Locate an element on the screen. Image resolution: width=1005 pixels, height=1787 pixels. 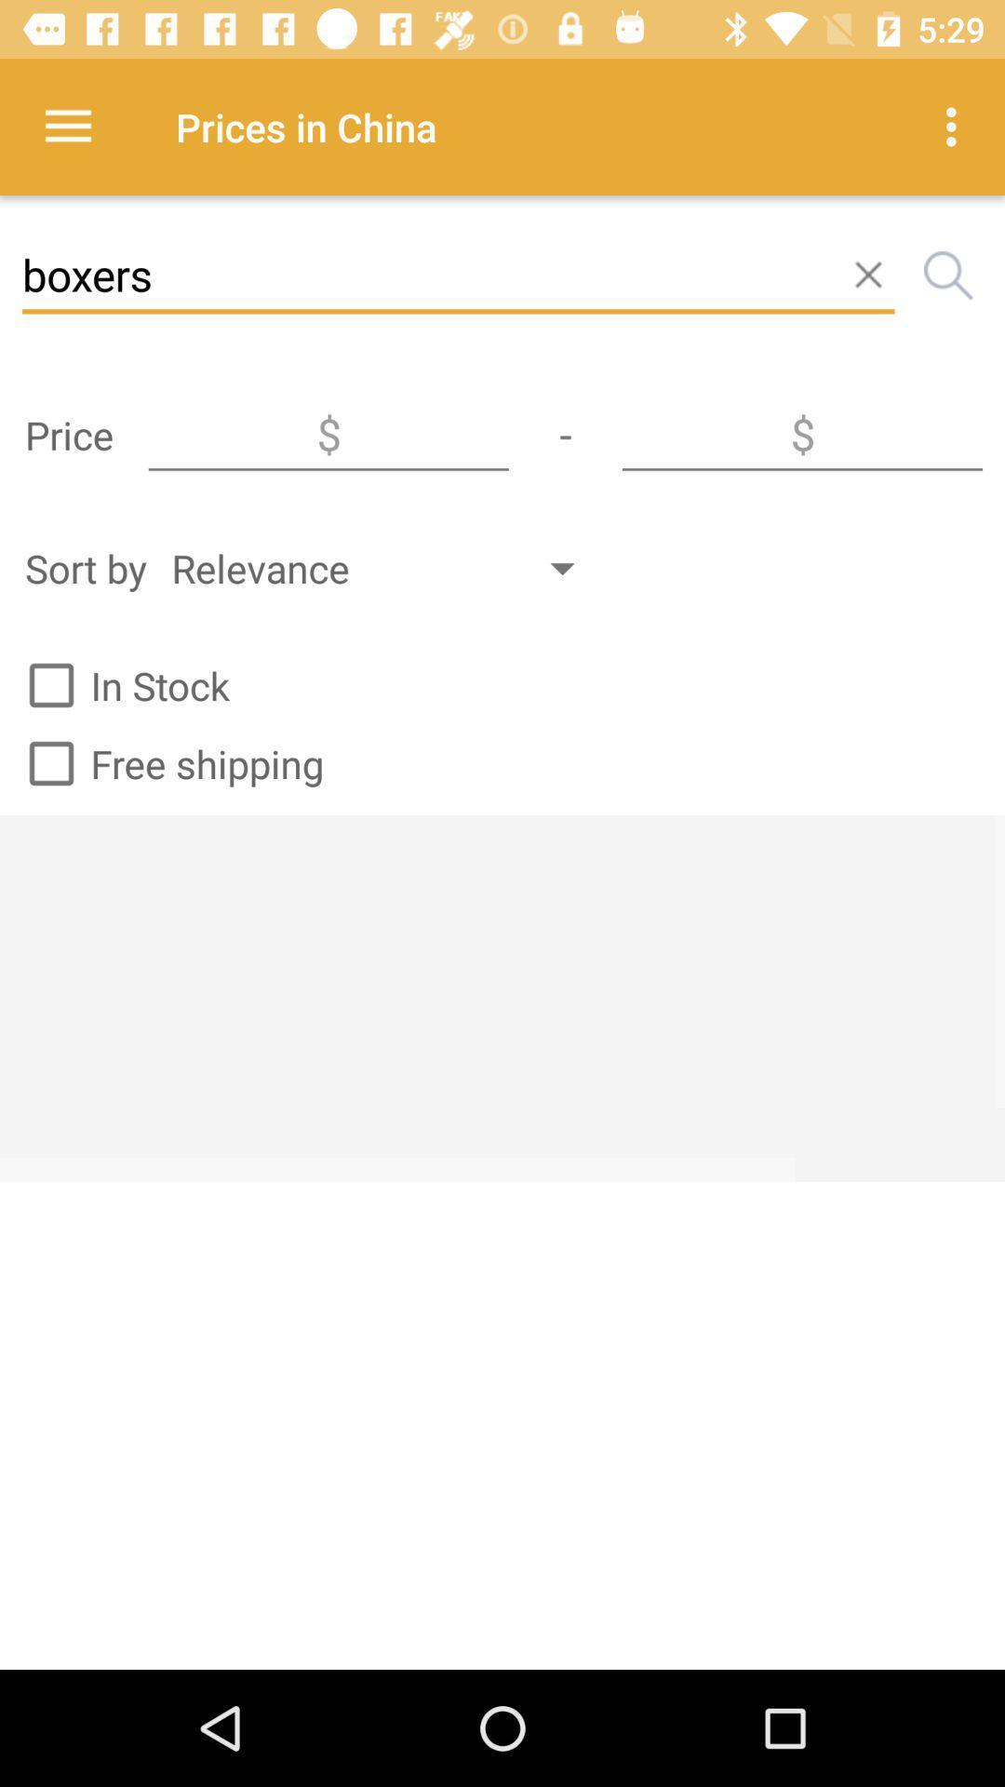
boxers item is located at coordinates (458, 275).